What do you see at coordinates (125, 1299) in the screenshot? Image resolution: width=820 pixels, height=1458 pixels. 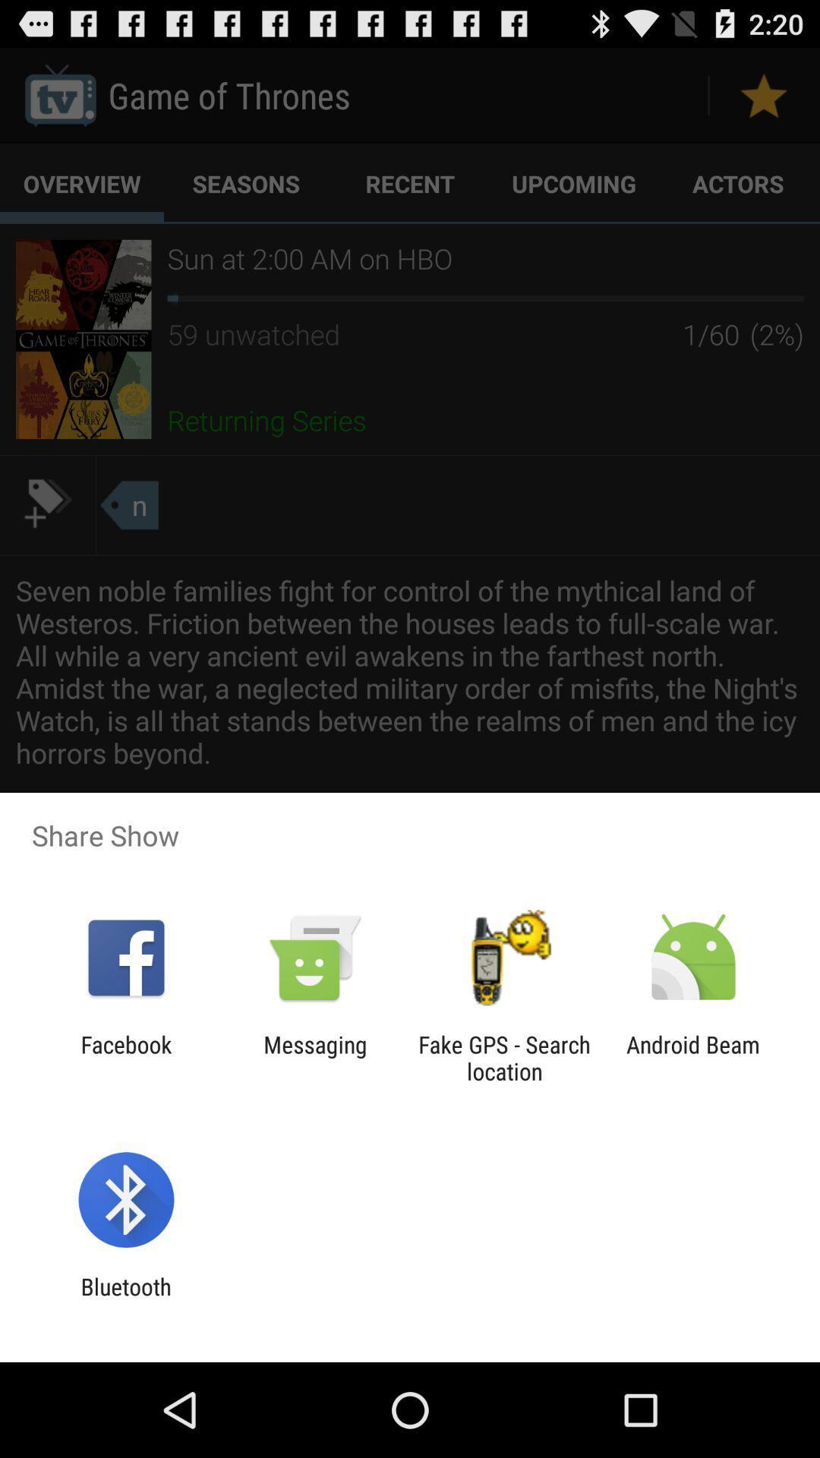 I see `bluetooth` at bounding box center [125, 1299].